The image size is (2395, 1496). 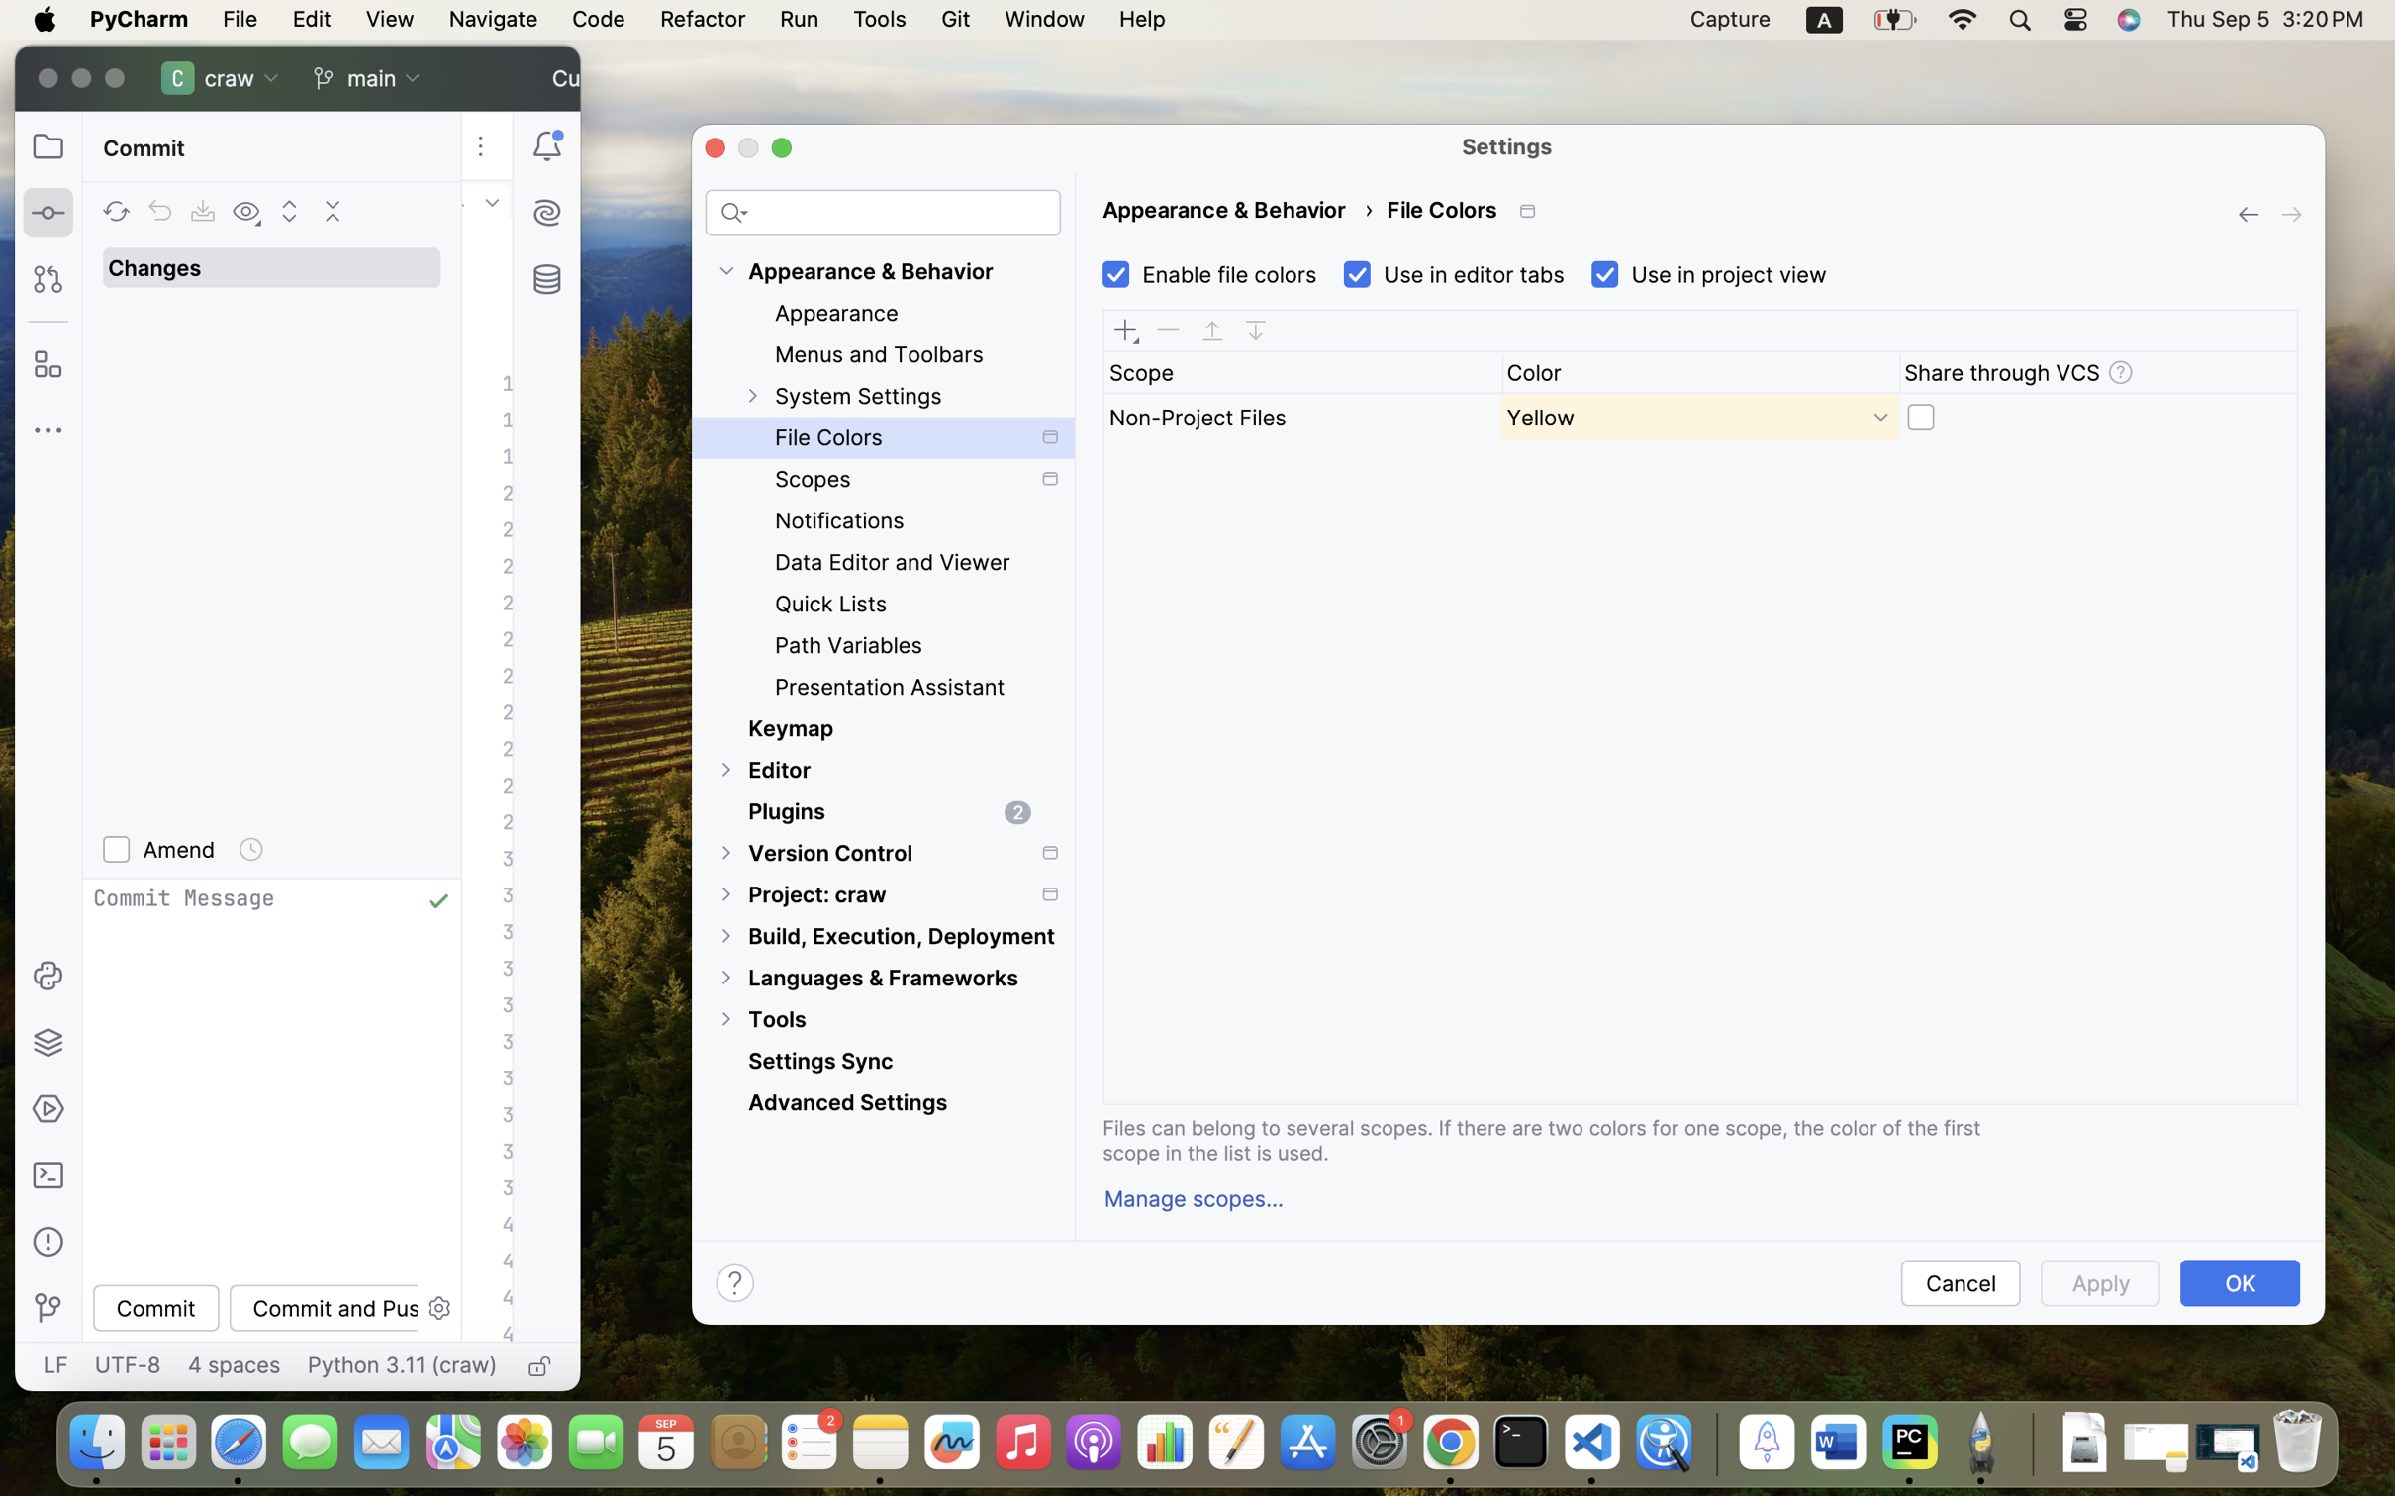 I want to click on 'Files can belong to several scopes. If there are two colors for one scope, the color of the first scope in the list is used.', so click(x=1568, y=1139).